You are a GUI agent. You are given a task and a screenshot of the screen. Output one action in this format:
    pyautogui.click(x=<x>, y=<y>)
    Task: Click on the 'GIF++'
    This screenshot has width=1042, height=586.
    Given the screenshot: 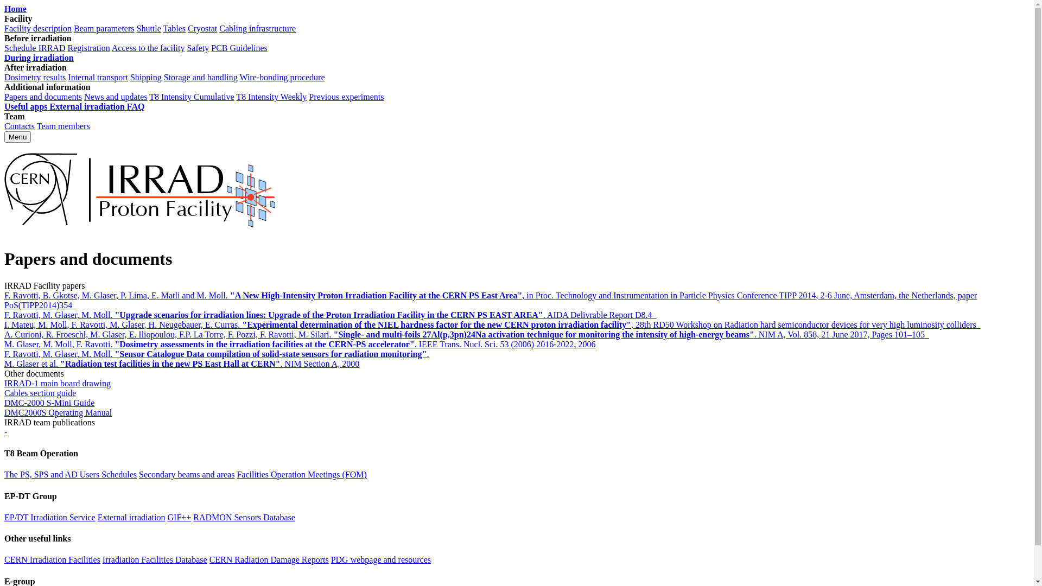 What is the action you would take?
    pyautogui.click(x=179, y=517)
    